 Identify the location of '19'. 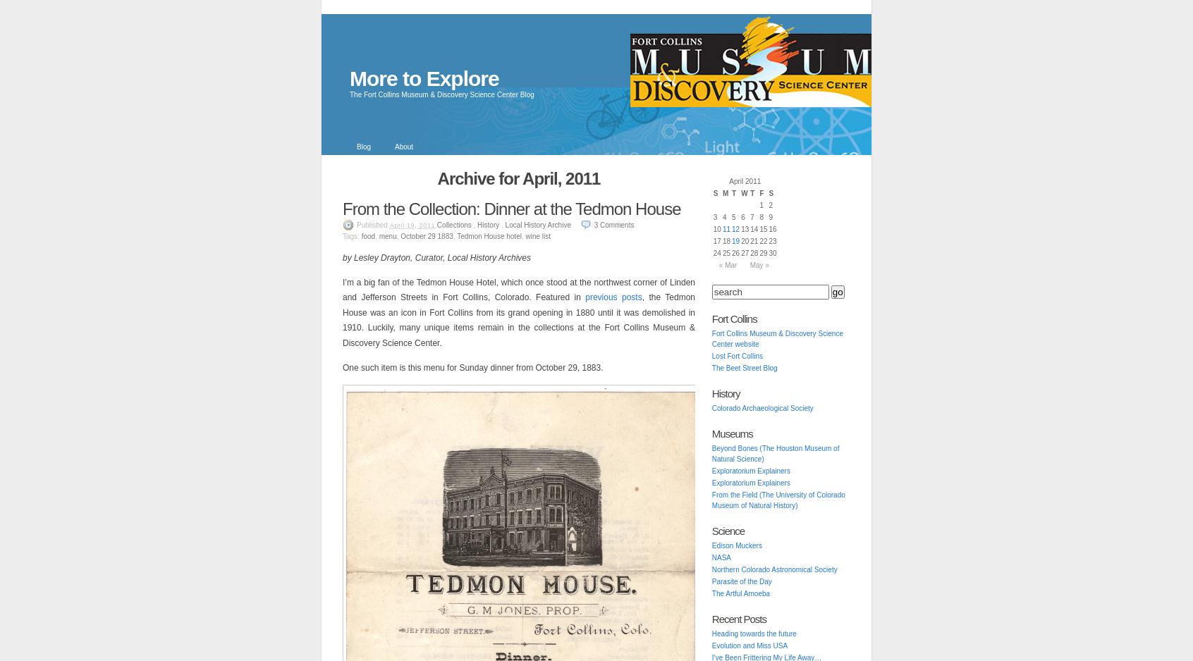
(731, 241).